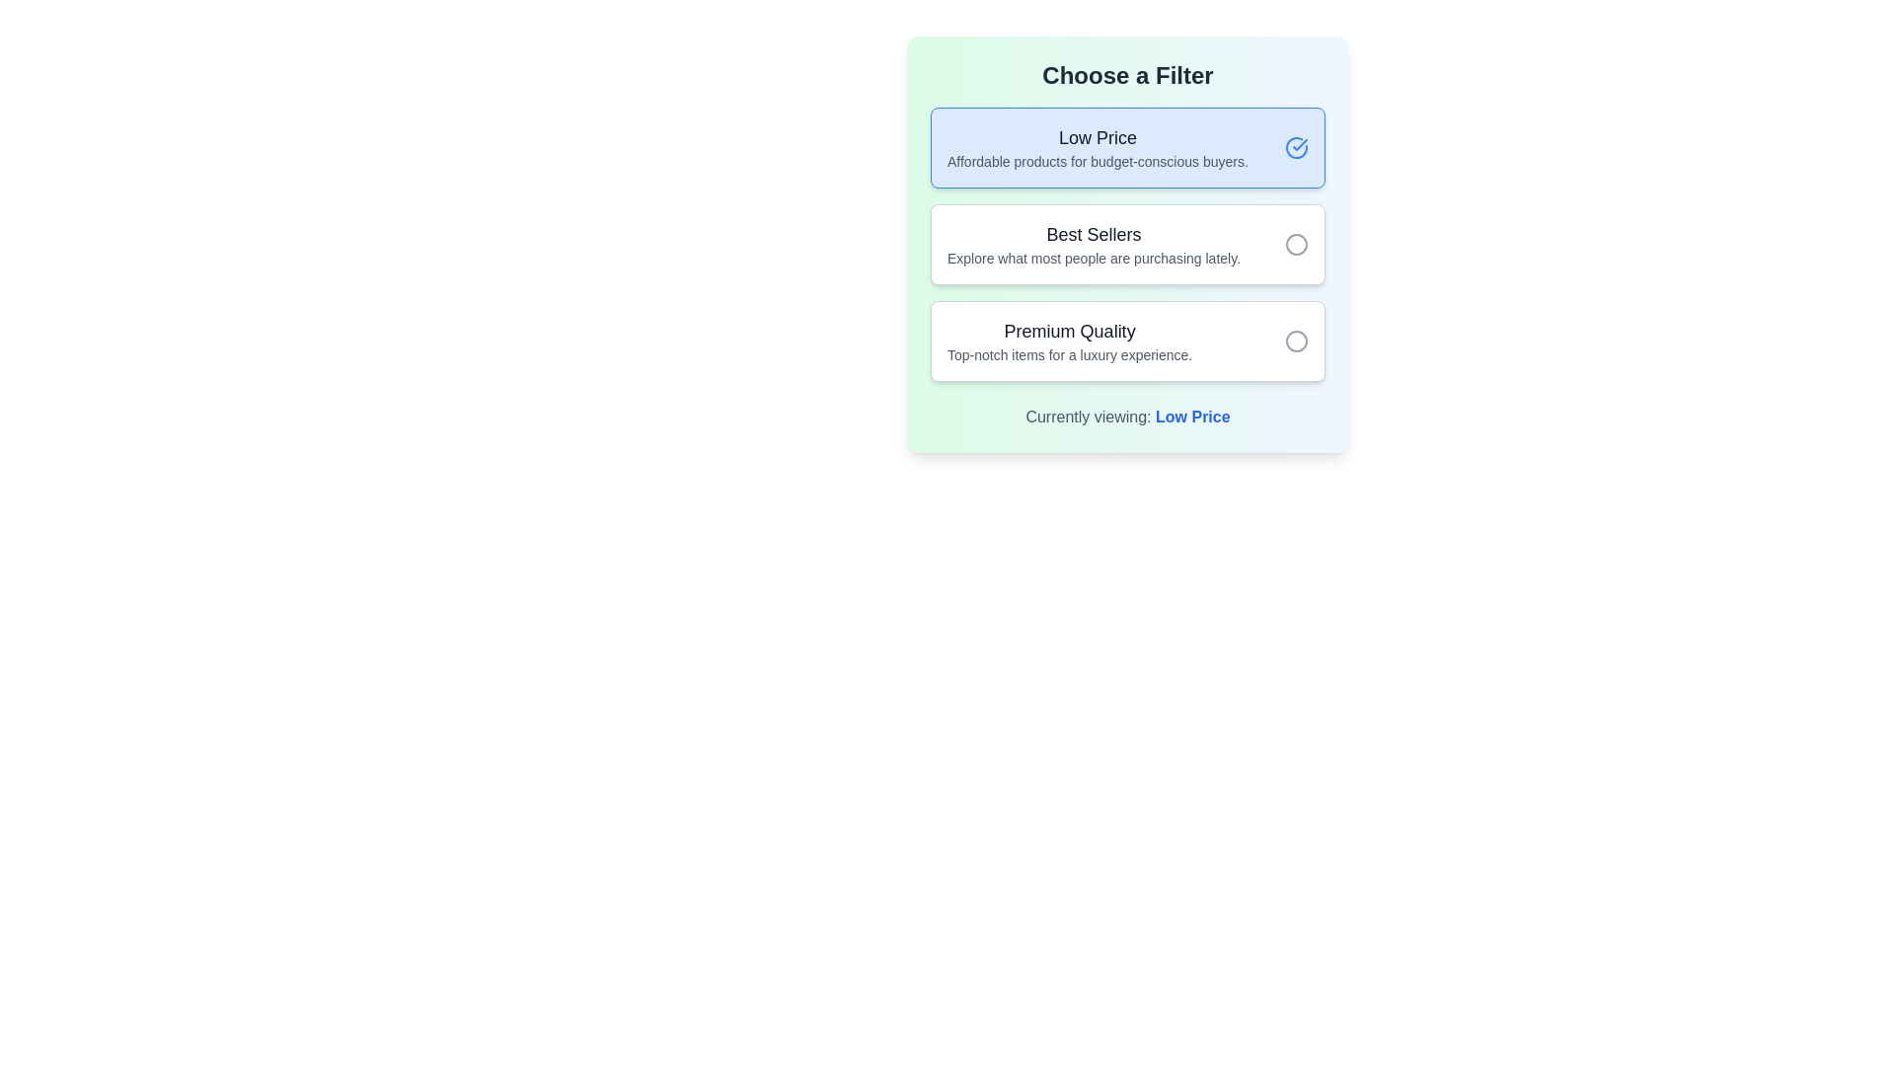 This screenshot has width=1895, height=1066. What do you see at coordinates (1069, 353) in the screenshot?
I see `the text description styled in light gray that reads 'Top-notch items for a luxury experience' located directly below the title 'Premium Quality.'` at bounding box center [1069, 353].